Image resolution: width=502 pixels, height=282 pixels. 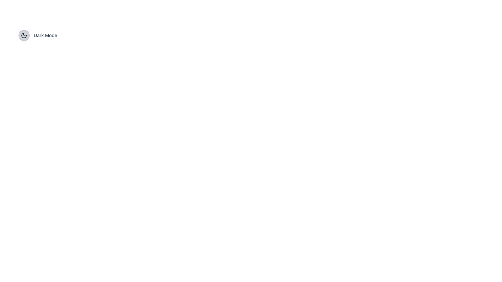 What do you see at coordinates (24, 35) in the screenshot?
I see `the crescent moon icon within the circular button that is part of the 'Dark Mode' setting, located at the top-left area of the interface` at bounding box center [24, 35].